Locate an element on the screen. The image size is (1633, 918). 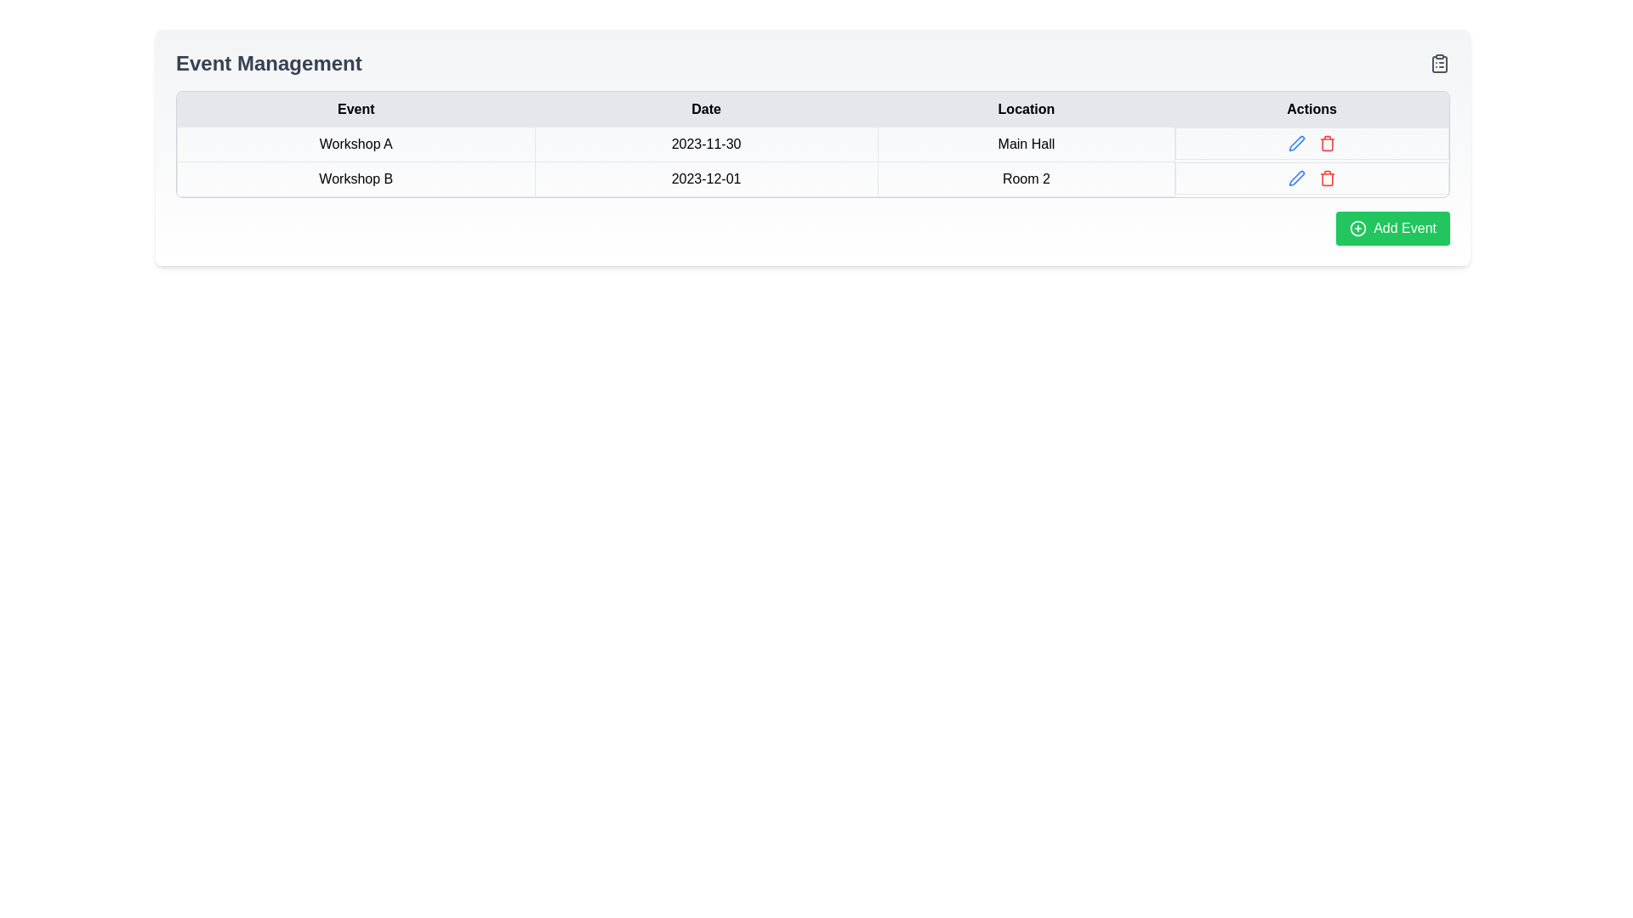
the static text label 'Workshop B' located in the first column of the second row in the 'Event Management' section is located at coordinates (355, 179).